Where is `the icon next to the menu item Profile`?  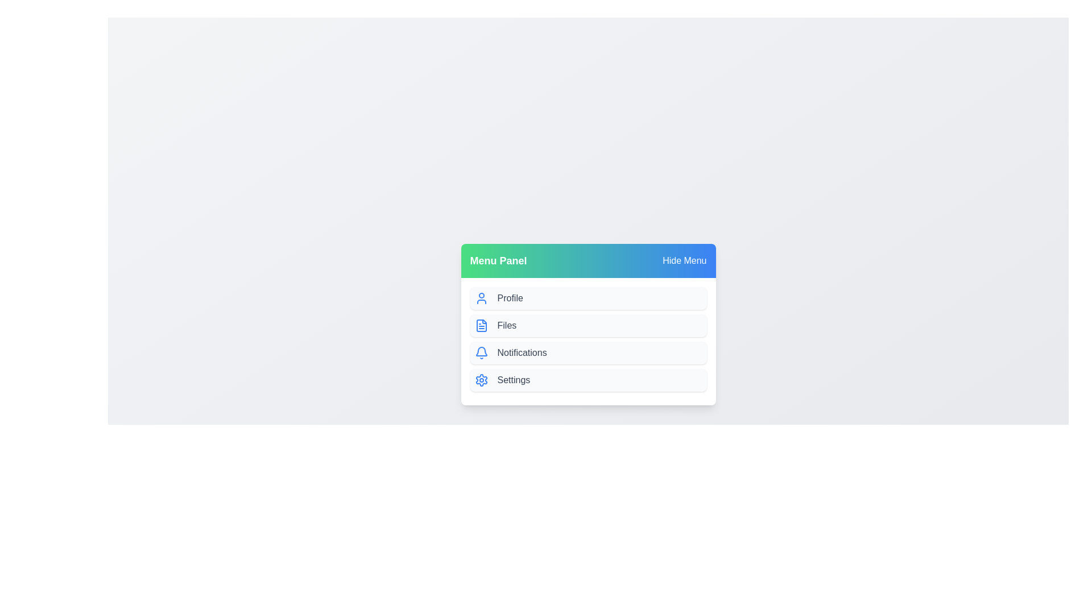
the icon next to the menu item Profile is located at coordinates (481, 297).